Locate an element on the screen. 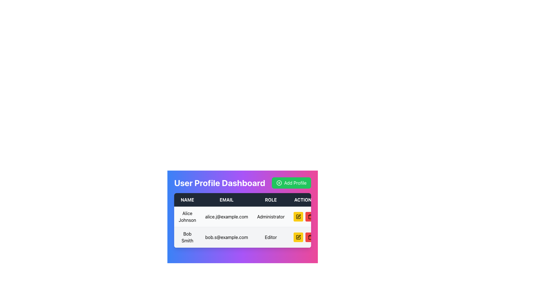  the trash bin icon located in the last row of the user table is located at coordinates (310, 238).